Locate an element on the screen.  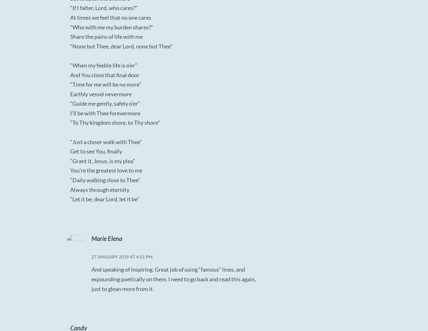
'Marie Elena' is located at coordinates (91, 238).